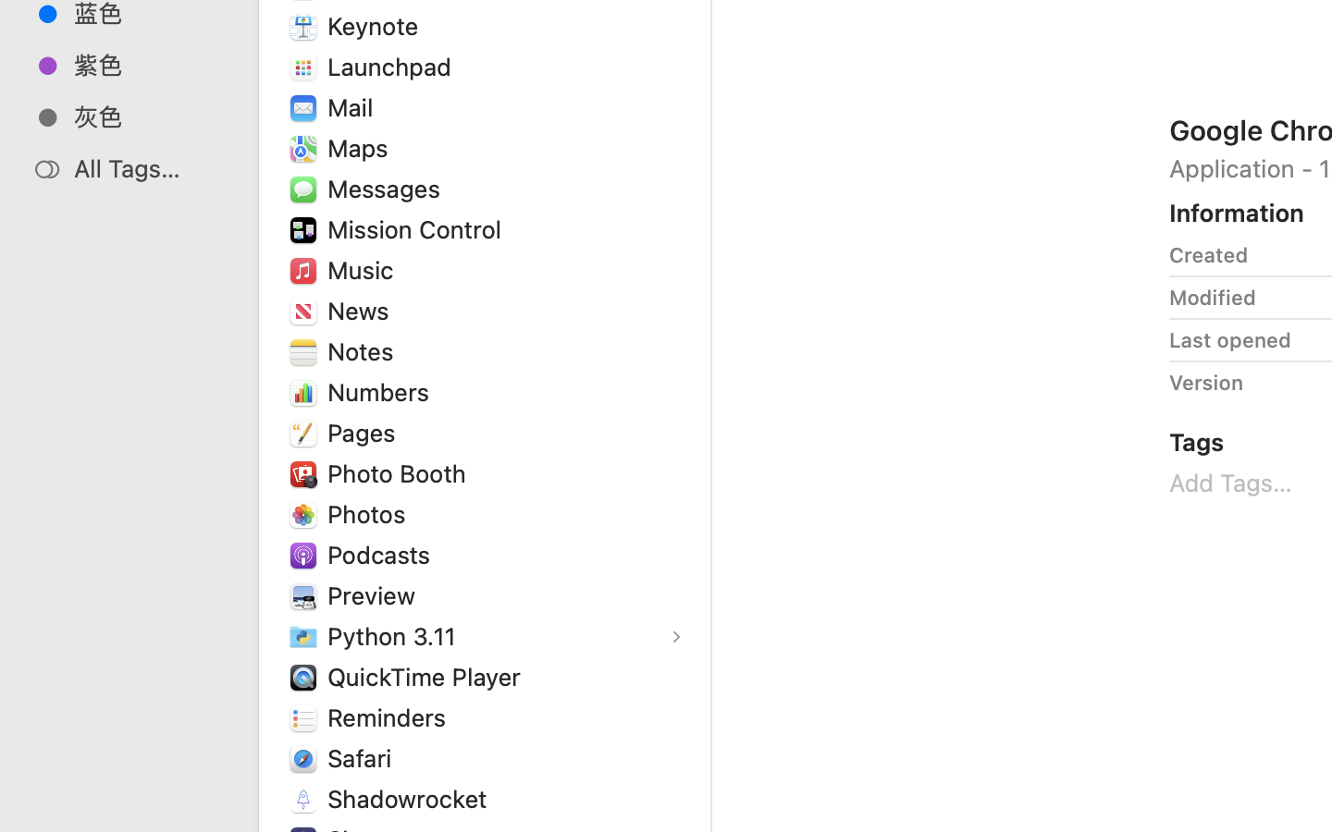 The image size is (1332, 832). What do you see at coordinates (391, 716) in the screenshot?
I see `'Reminders'` at bounding box center [391, 716].